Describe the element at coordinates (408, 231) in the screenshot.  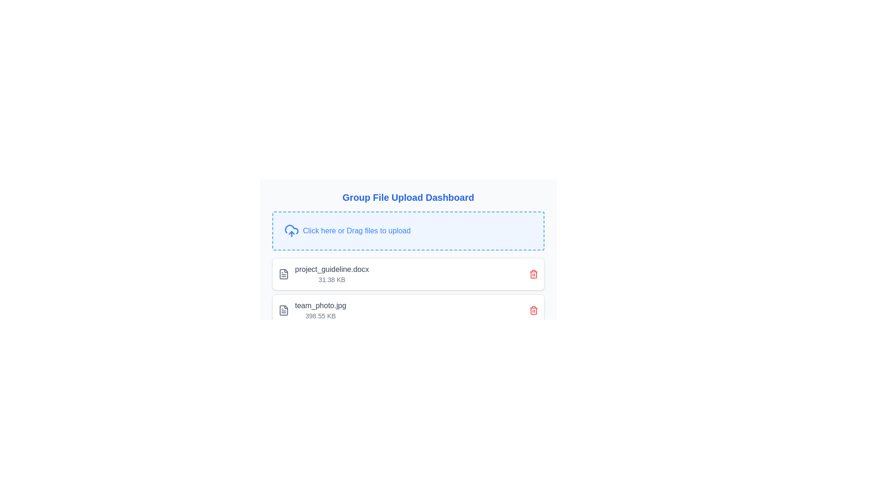
I see `the Clickable label with the text 'Click here or Drag files to upload' which has a cloud icon, to receive visual feedback` at that location.